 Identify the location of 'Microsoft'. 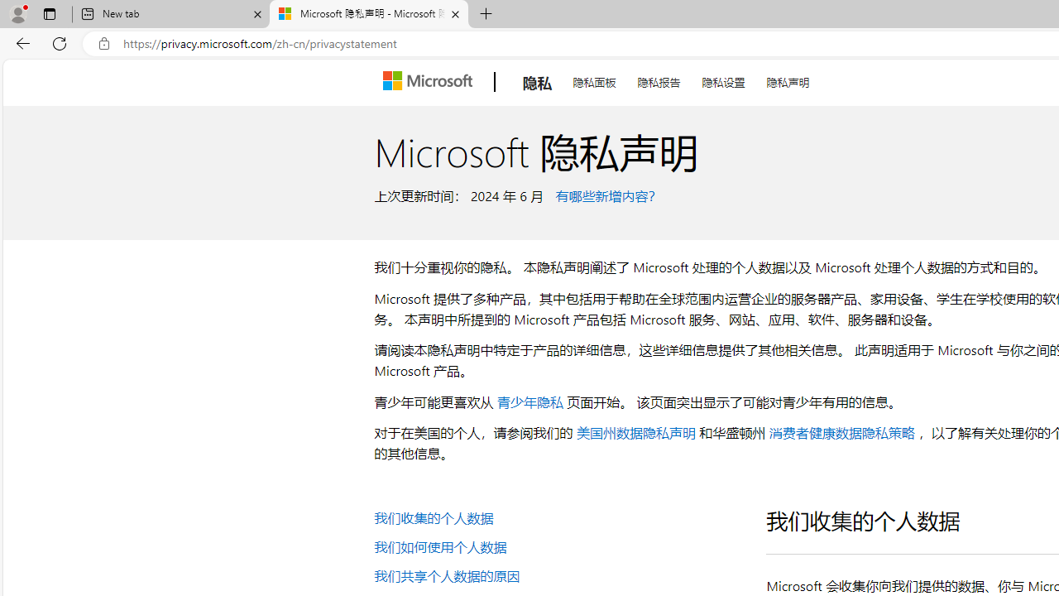
(430, 82).